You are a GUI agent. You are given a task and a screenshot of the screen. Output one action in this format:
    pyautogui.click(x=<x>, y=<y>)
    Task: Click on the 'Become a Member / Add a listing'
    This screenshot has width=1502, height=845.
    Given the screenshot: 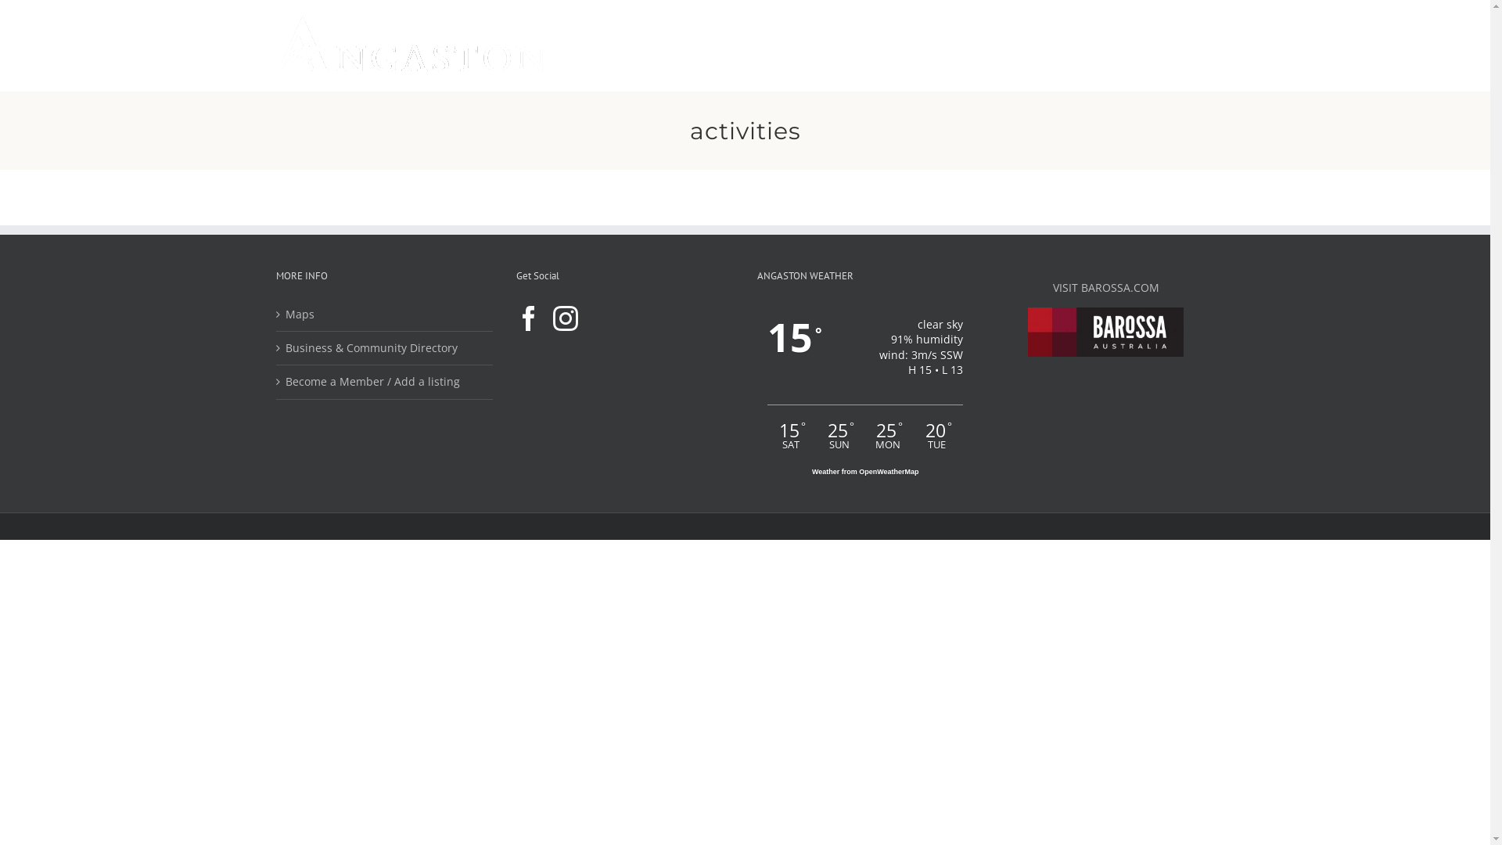 What is the action you would take?
    pyautogui.click(x=384, y=382)
    